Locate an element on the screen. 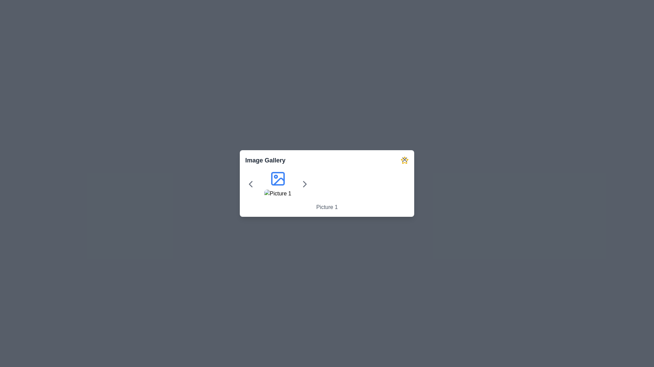 This screenshot has width=654, height=367. the Chevron arrow button, which is the first in a horizontal sequence of three controls in the gallery, to change its appearance is located at coordinates (250, 184).